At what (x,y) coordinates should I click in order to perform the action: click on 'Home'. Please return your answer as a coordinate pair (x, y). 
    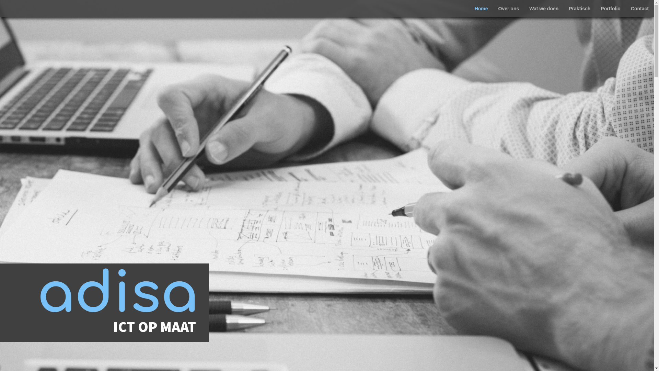
    Looking at the image, I should click on (481, 8).